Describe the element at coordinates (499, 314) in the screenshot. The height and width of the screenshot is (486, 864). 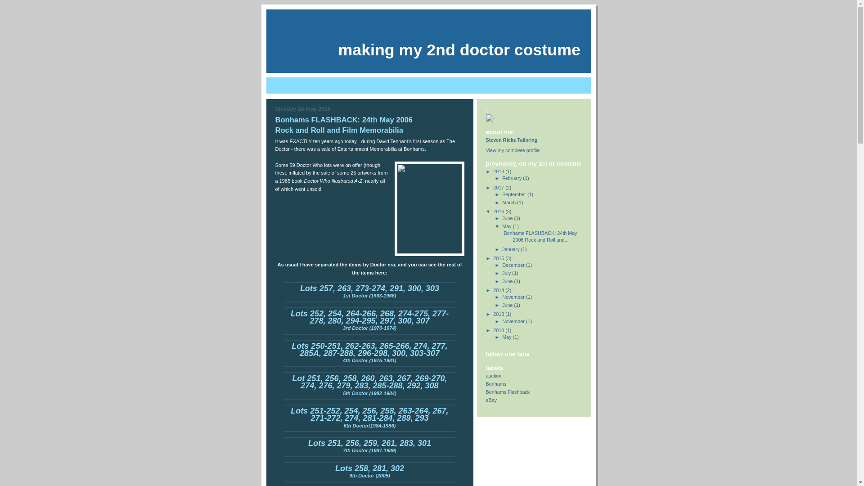
I see `'2013'` at that location.